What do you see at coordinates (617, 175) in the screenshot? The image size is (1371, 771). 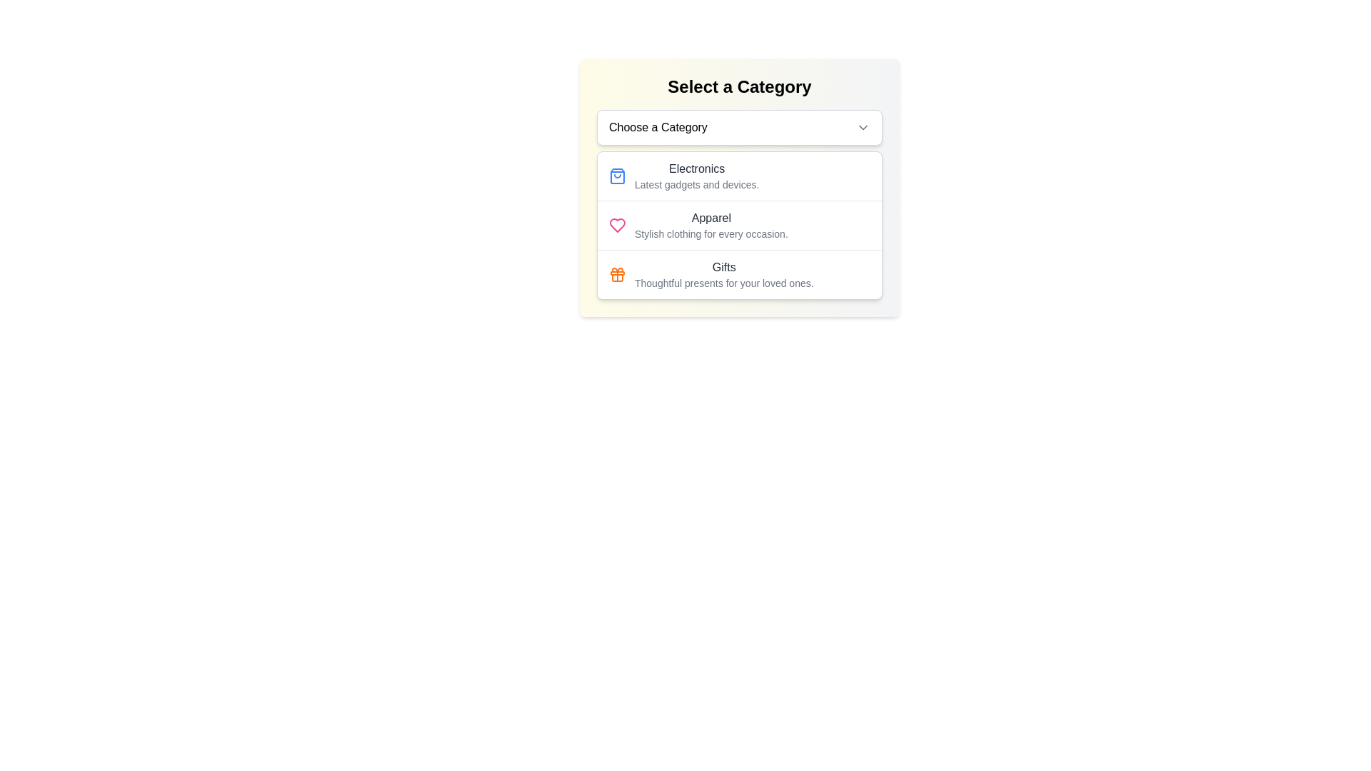 I see `the 'Electronics' category icon located to the left of the text 'Electronics'` at bounding box center [617, 175].